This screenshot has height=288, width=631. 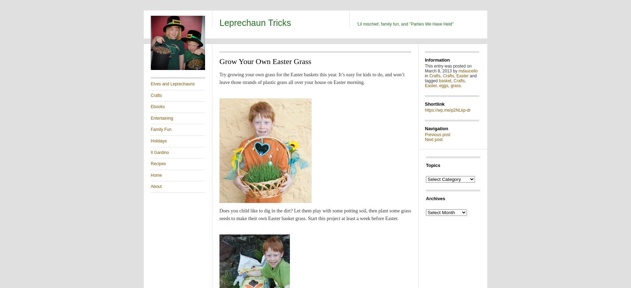 What do you see at coordinates (312, 78) in the screenshot?
I see `'Try growing your own grass for the Easter baskets this year. It’s easy for kids to do, and won’t leave those strands of plastic grass all over your house on Easter morning.'` at bounding box center [312, 78].